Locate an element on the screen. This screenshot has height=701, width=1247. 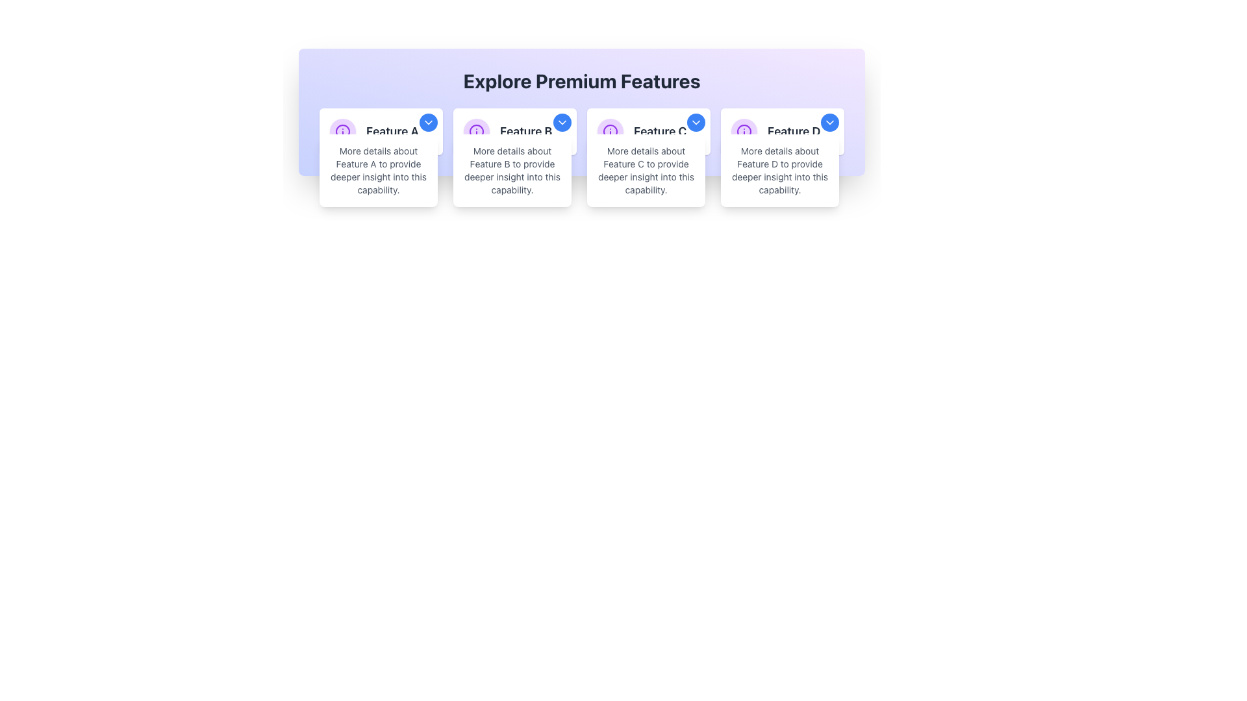
the card with a white background and rounded corners containing the 'Feature A' text and a blue button at the top right corner is located at coordinates (380, 132).